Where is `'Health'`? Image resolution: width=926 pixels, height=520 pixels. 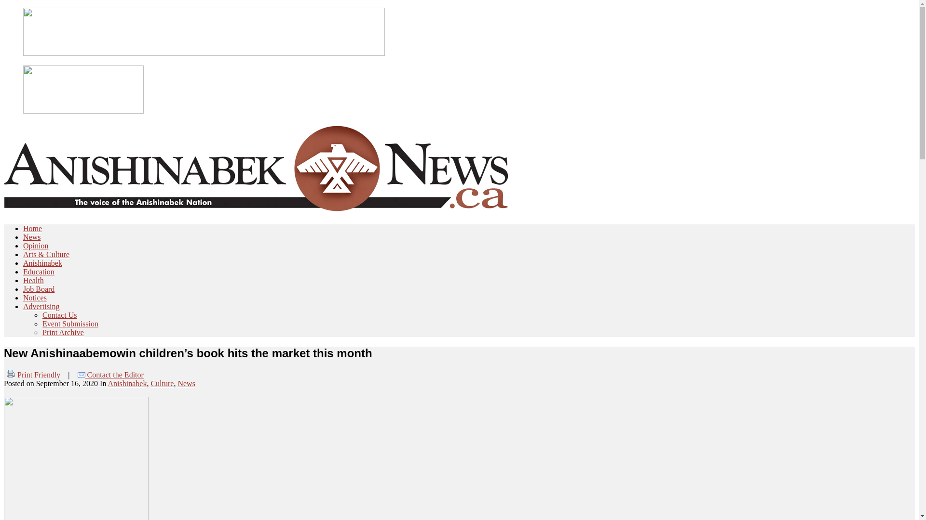 'Health' is located at coordinates (33, 280).